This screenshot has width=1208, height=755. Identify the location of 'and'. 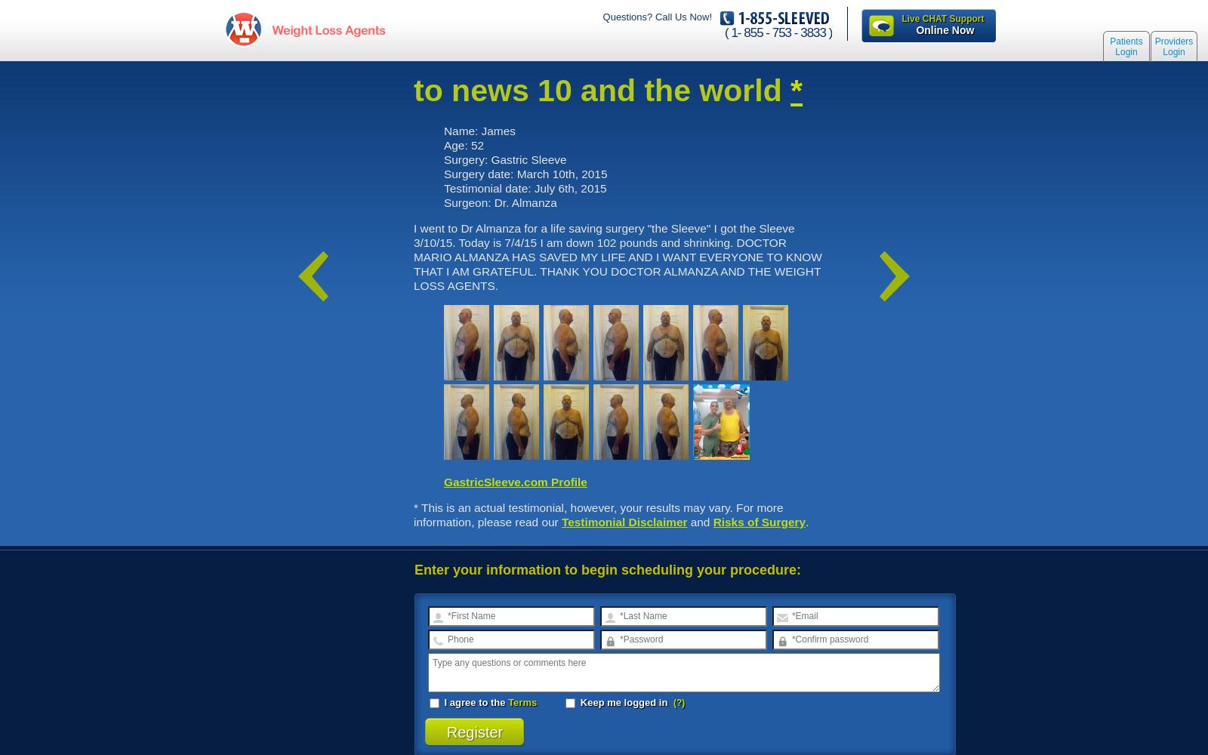
(699, 520).